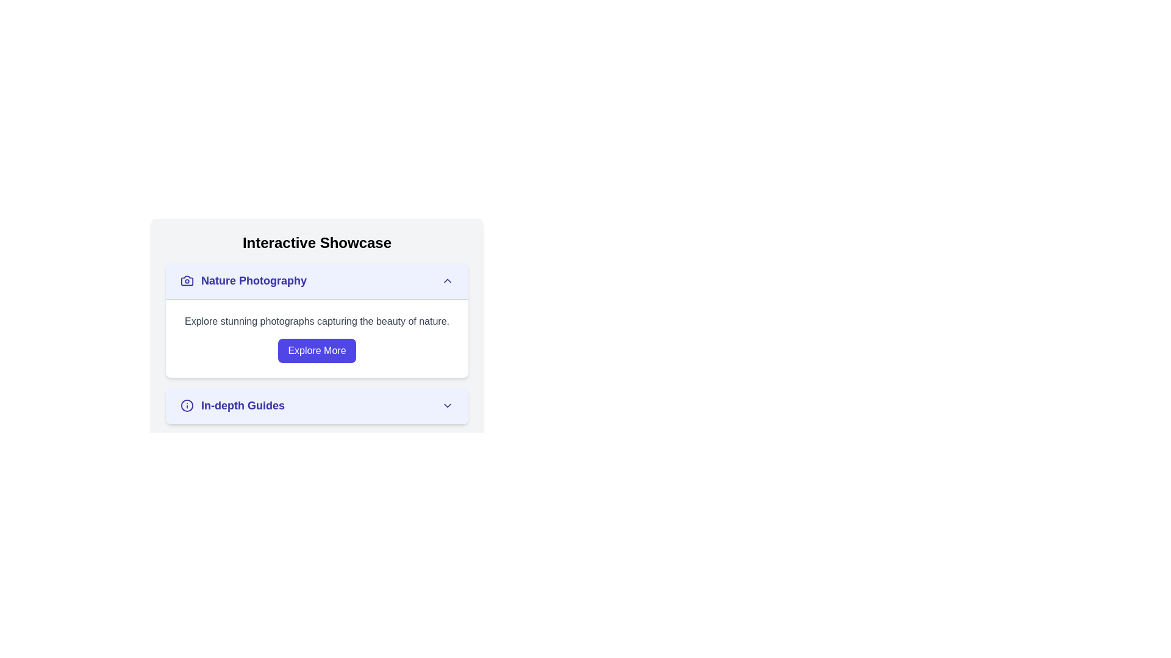  I want to click on the button located within the 'Nature Photography' section, so click(317, 350).